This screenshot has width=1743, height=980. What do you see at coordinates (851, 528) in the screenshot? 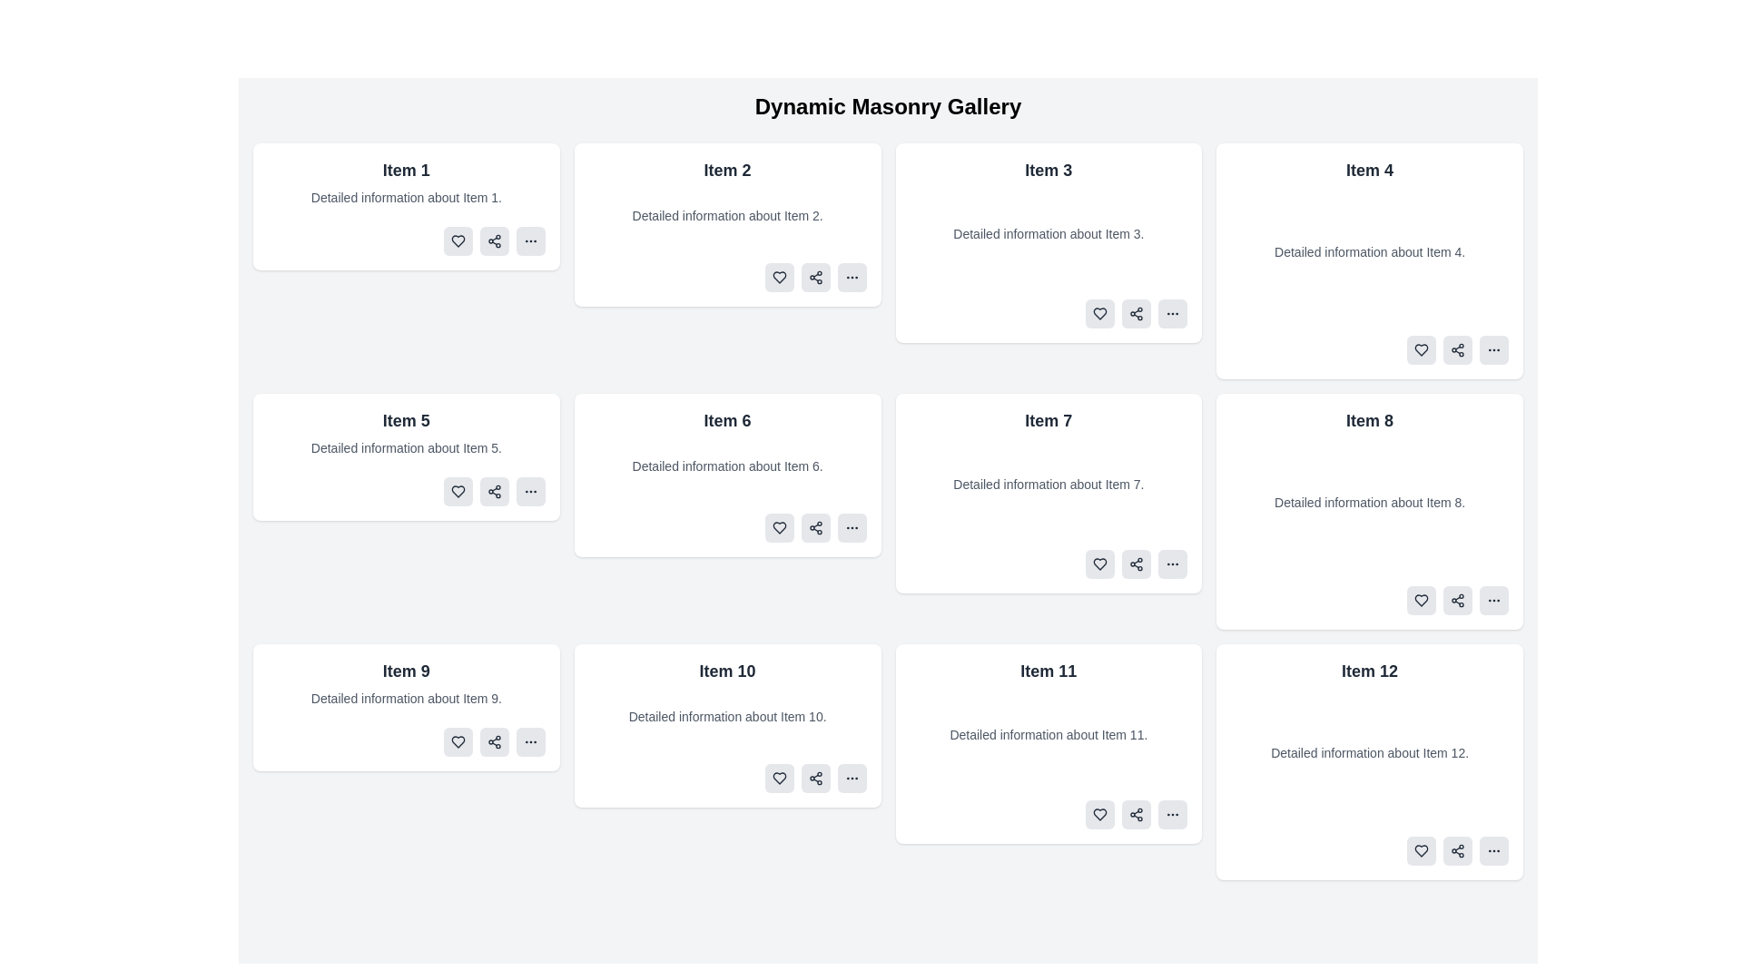
I see `the ellipsis icon located at the bottom-right of the 'Item 6' section in the gallery` at bounding box center [851, 528].